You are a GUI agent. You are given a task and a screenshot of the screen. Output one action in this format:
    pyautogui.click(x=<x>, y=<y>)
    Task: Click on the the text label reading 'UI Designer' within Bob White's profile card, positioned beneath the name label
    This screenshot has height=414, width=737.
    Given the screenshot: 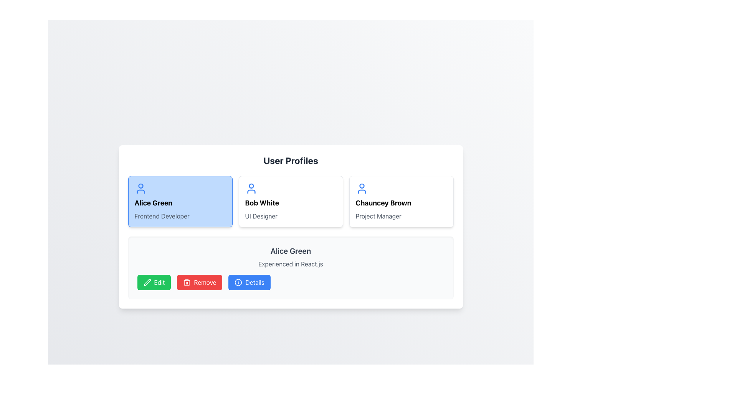 What is the action you would take?
    pyautogui.click(x=261, y=216)
    